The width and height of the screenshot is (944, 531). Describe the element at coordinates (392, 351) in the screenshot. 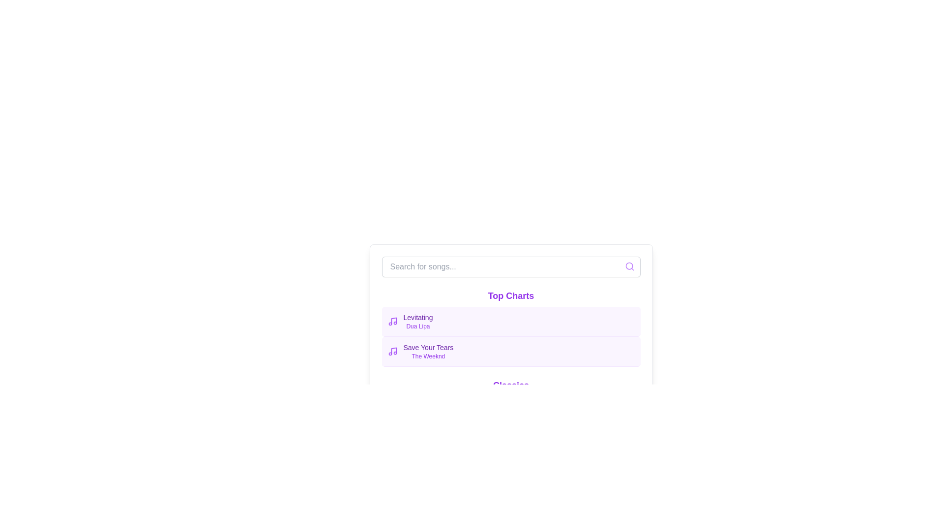

I see `the small vibrant purple music note icon located in the top left corner of the 'Top Charts' list, adjacent to the text 'Save Your Tears' and 'The Weeknd'` at that location.